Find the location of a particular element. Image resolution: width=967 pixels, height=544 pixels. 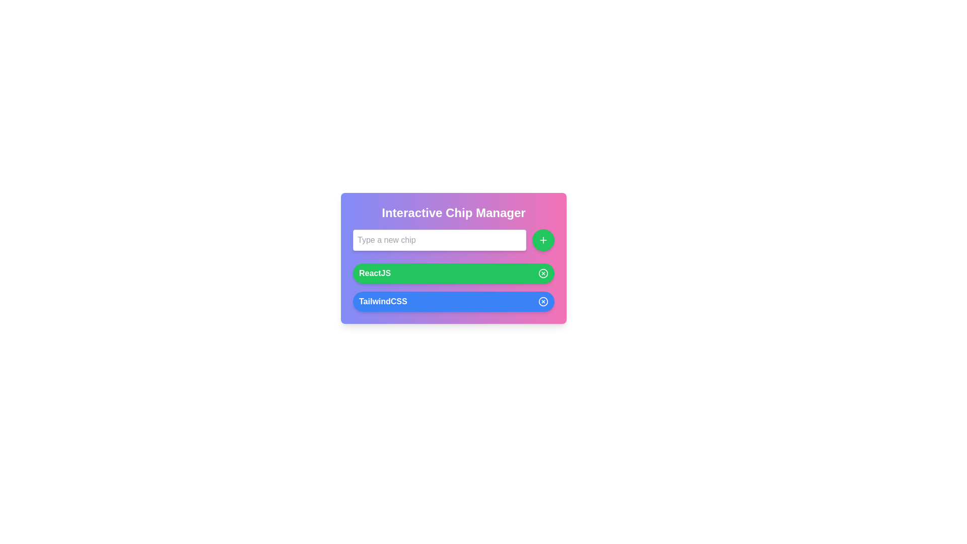

the Chip labeled 'ReactJS' with a close button, which has a green background and is positioned at the top of a vertical list of chips is located at coordinates (453, 274).